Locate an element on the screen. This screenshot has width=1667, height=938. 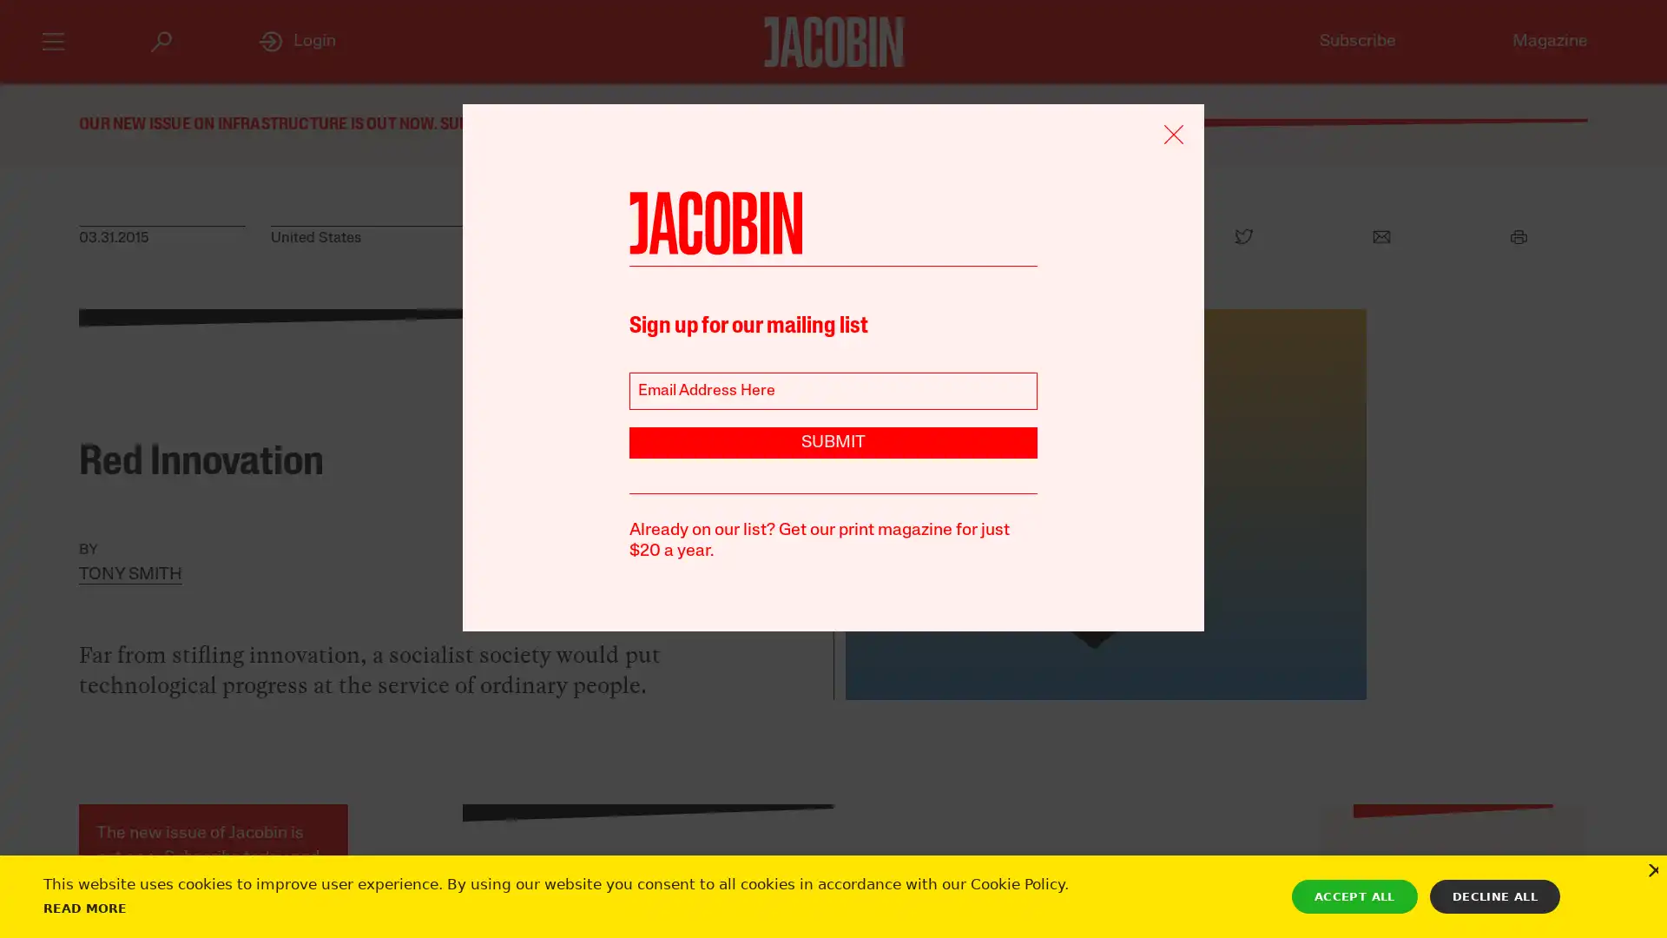
SUBMIT is located at coordinates (832, 441).